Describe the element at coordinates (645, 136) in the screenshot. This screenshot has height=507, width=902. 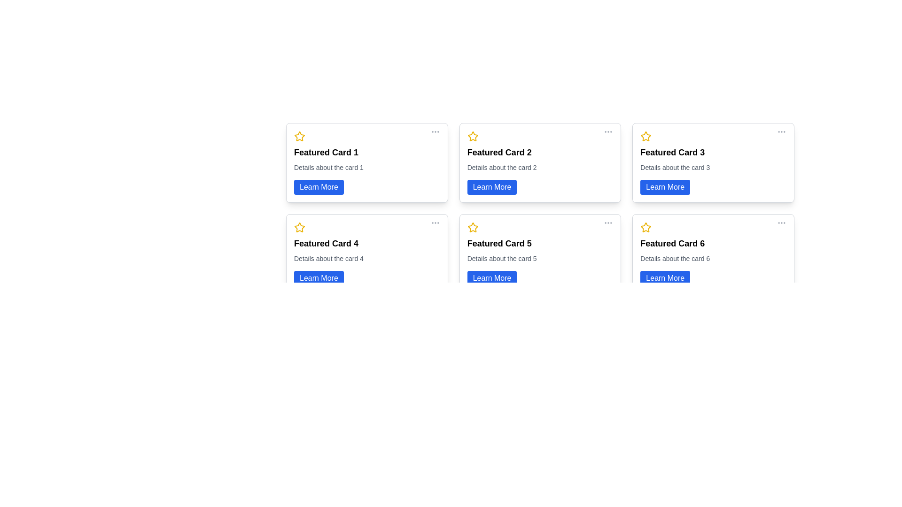
I see `the yellow star icon with a hollow center located to the left of the title 'Featured Card 3' in the header section of the second card in the grid layout` at that location.